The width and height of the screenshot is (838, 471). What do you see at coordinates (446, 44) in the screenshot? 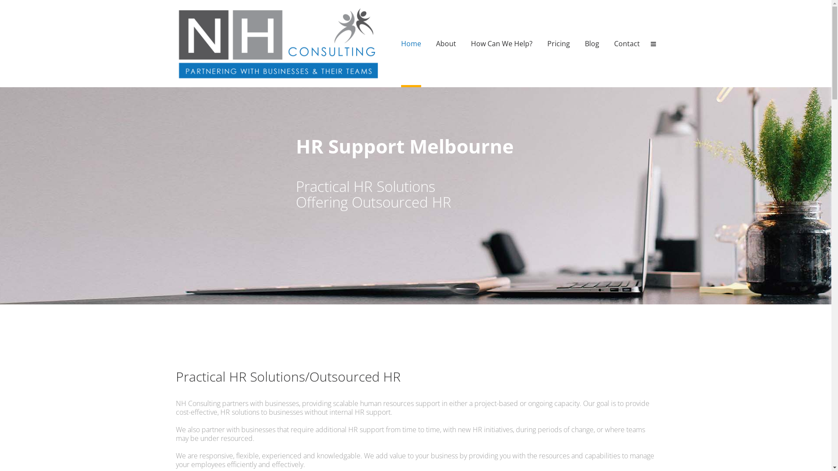
I see `'About'` at bounding box center [446, 44].